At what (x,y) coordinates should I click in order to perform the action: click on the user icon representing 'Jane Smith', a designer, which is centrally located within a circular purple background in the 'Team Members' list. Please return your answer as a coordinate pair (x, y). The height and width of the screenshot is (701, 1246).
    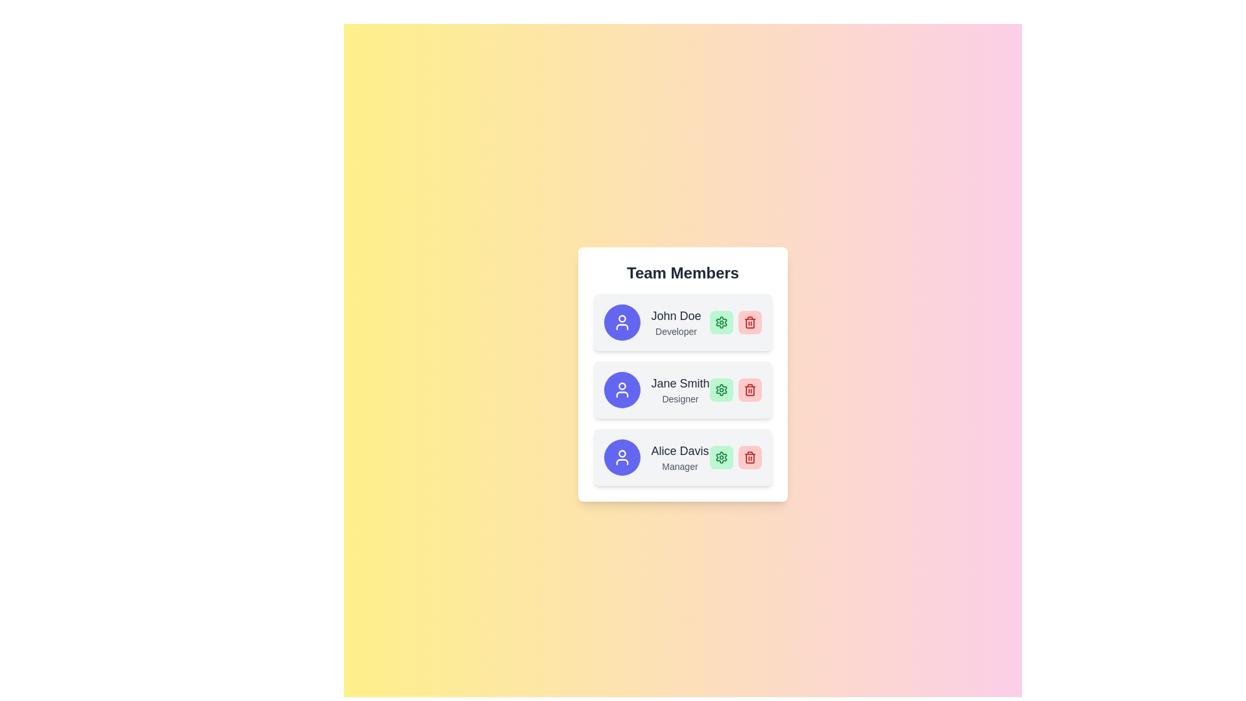
    Looking at the image, I should click on (622, 389).